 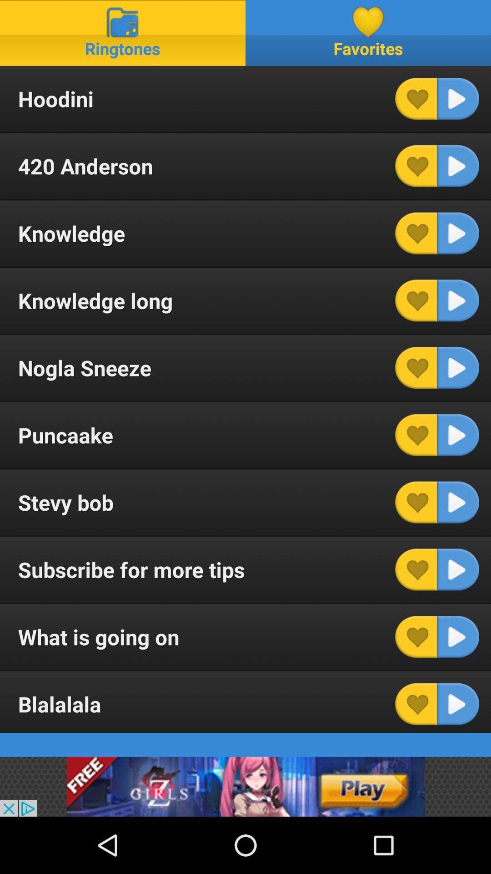 What do you see at coordinates (416, 99) in the screenshot?
I see `heart this track` at bounding box center [416, 99].